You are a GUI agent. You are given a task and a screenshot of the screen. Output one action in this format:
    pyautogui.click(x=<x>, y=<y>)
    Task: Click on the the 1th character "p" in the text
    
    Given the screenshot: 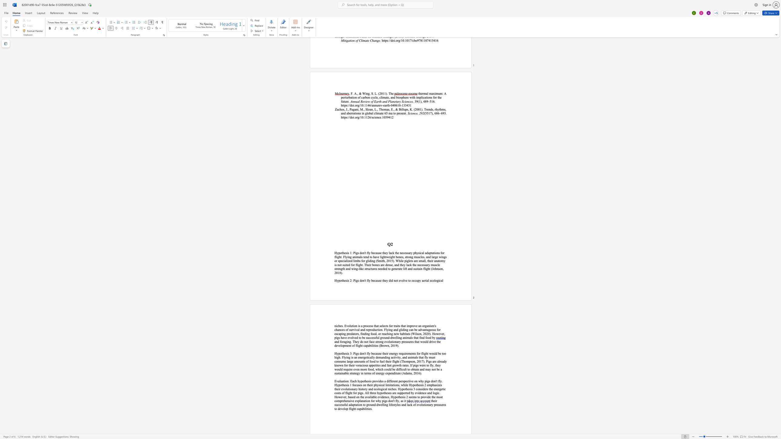 What is the action you would take?
    pyautogui.click(x=339, y=253)
    